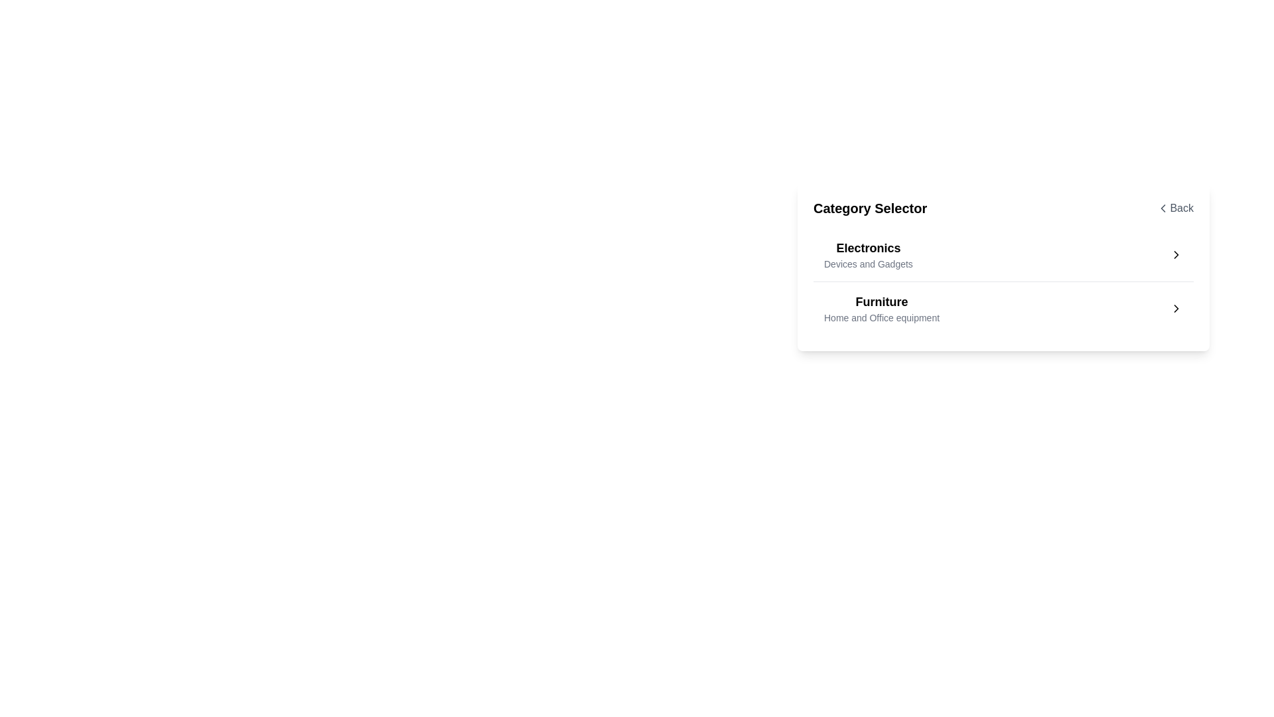 The width and height of the screenshot is (1274, 717). I want to click on the Text label providing additional descriptive information about the 'Furniture' category, which is positioned directly below the 'Furniture' text element in the category selection interface, so click(882, 317).